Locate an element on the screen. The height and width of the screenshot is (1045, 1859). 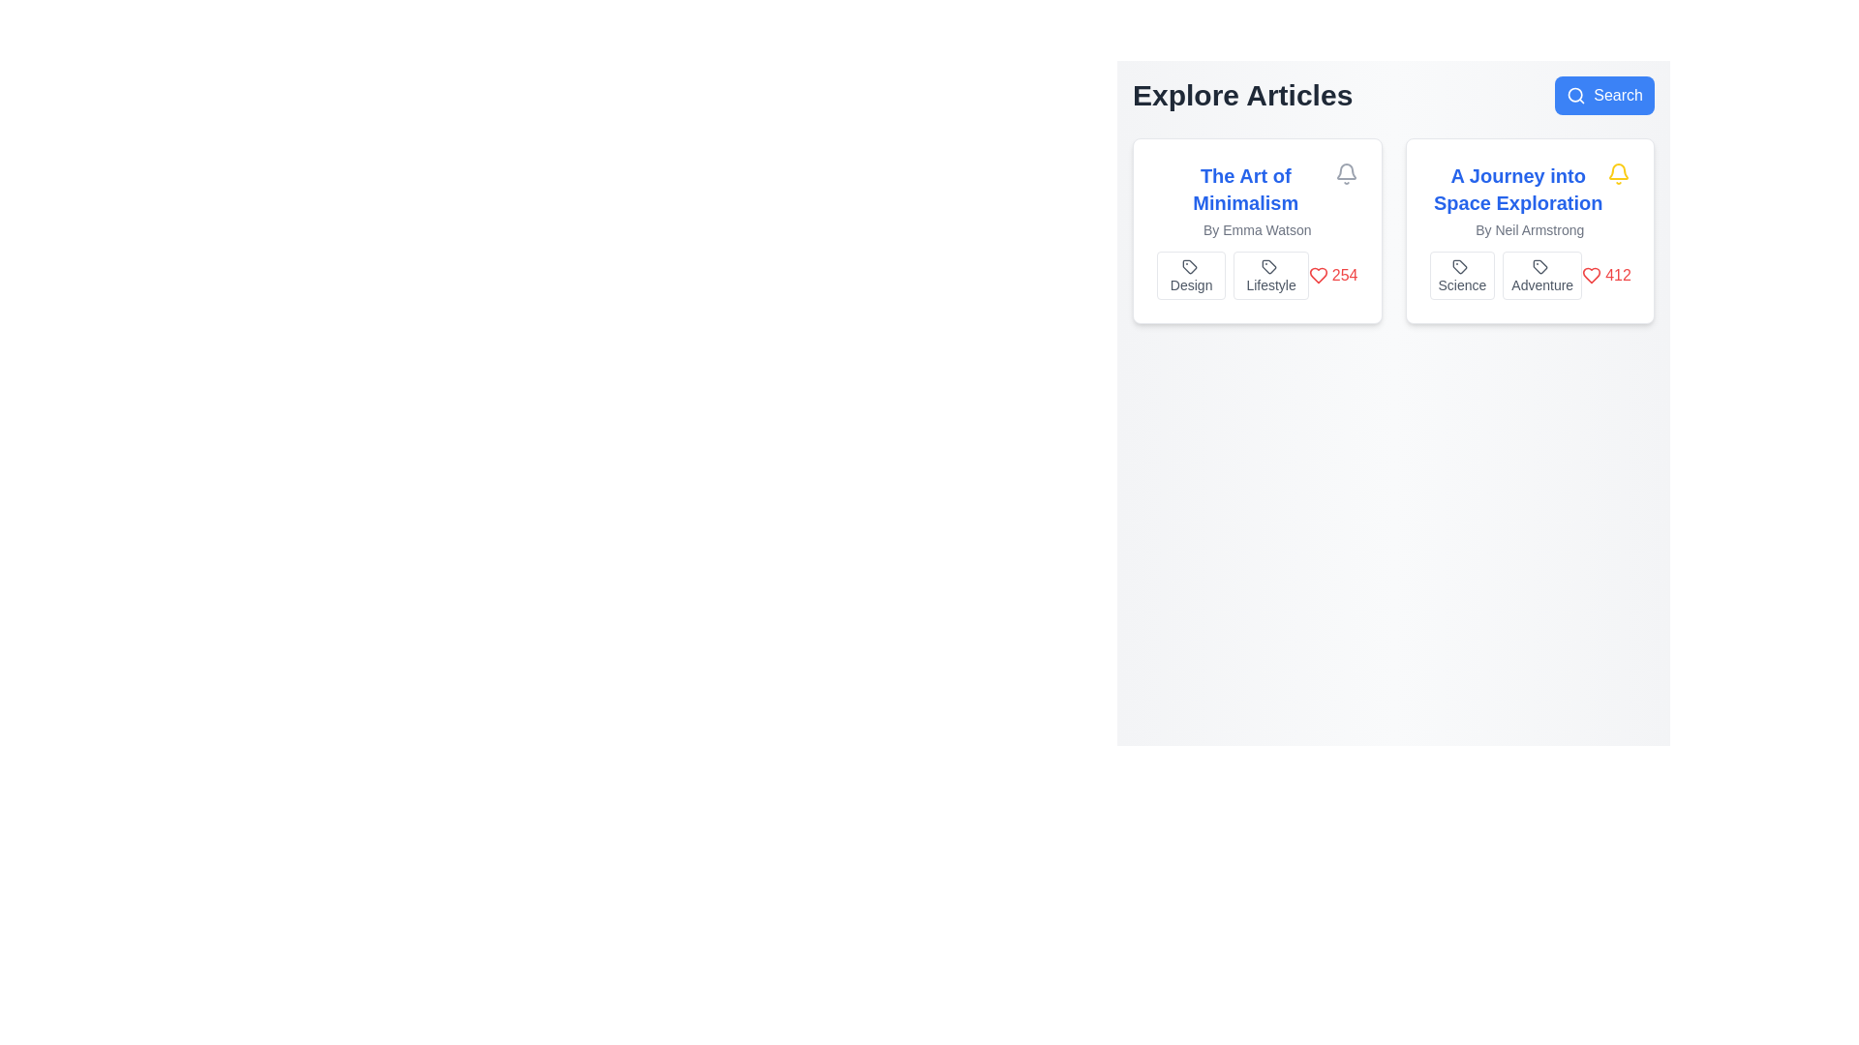
static text display element titled 'A Journey into Space Exploration', which is styled in a bold and large blue font and located in the top section of the right-most card in a two-card grid layout is located at coordinates (1529, 190).